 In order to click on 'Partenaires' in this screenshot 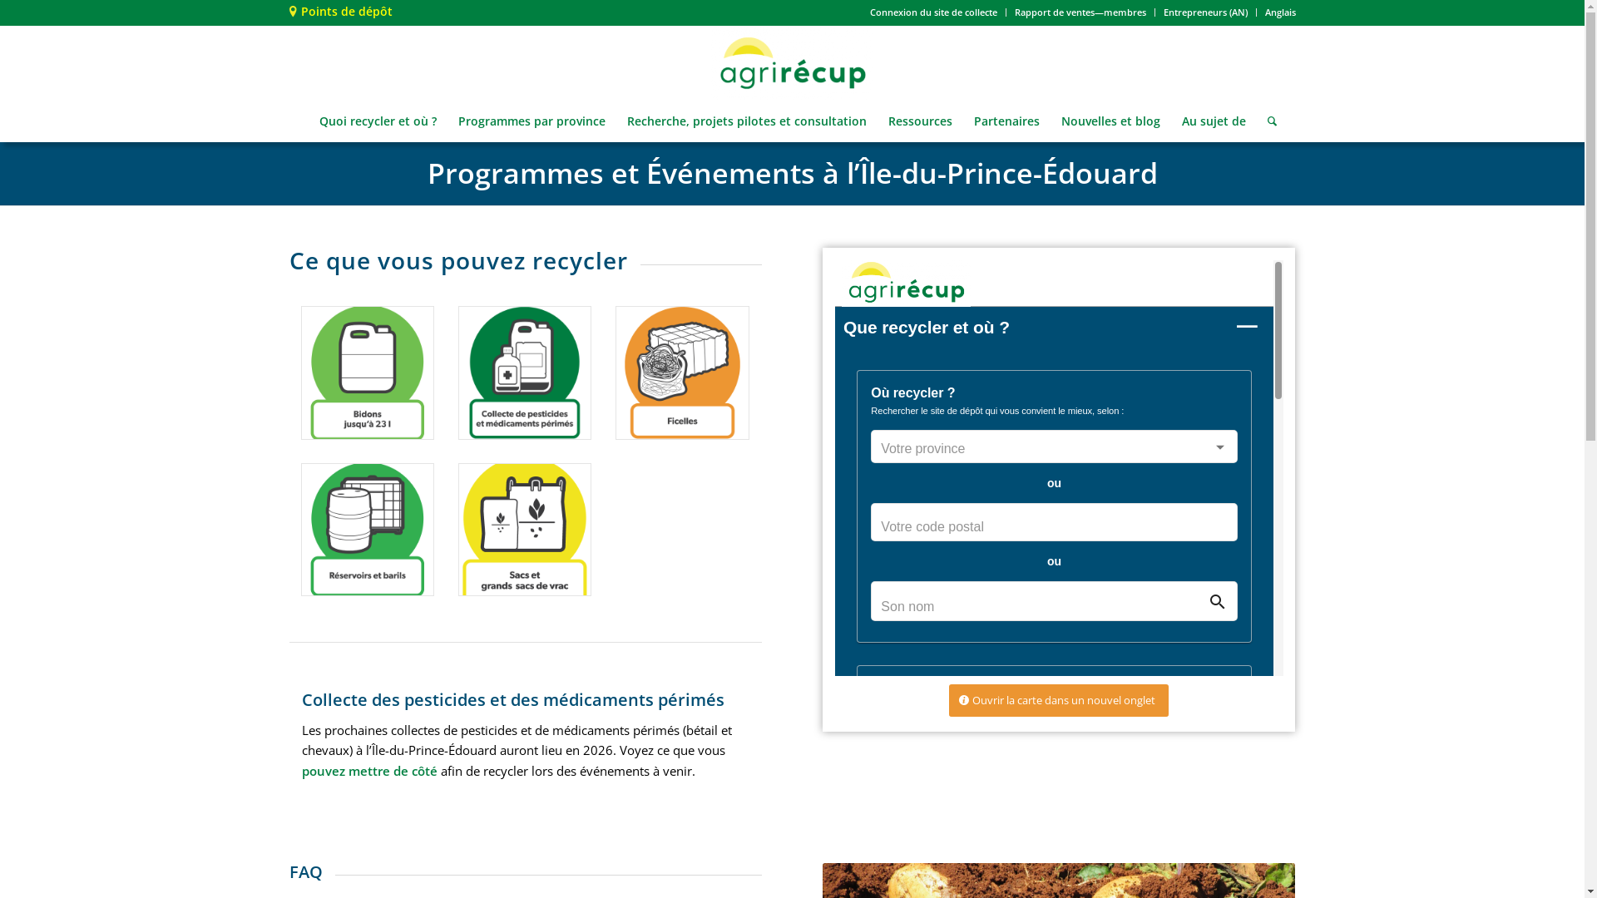, I will do `click(1006, 121)`.